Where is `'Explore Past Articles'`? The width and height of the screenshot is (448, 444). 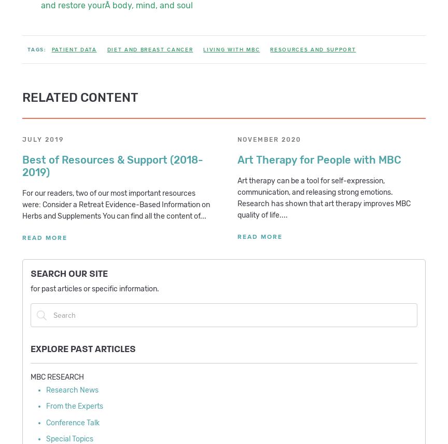
'Explore Past Articles' is located at coordinates (82, 349).